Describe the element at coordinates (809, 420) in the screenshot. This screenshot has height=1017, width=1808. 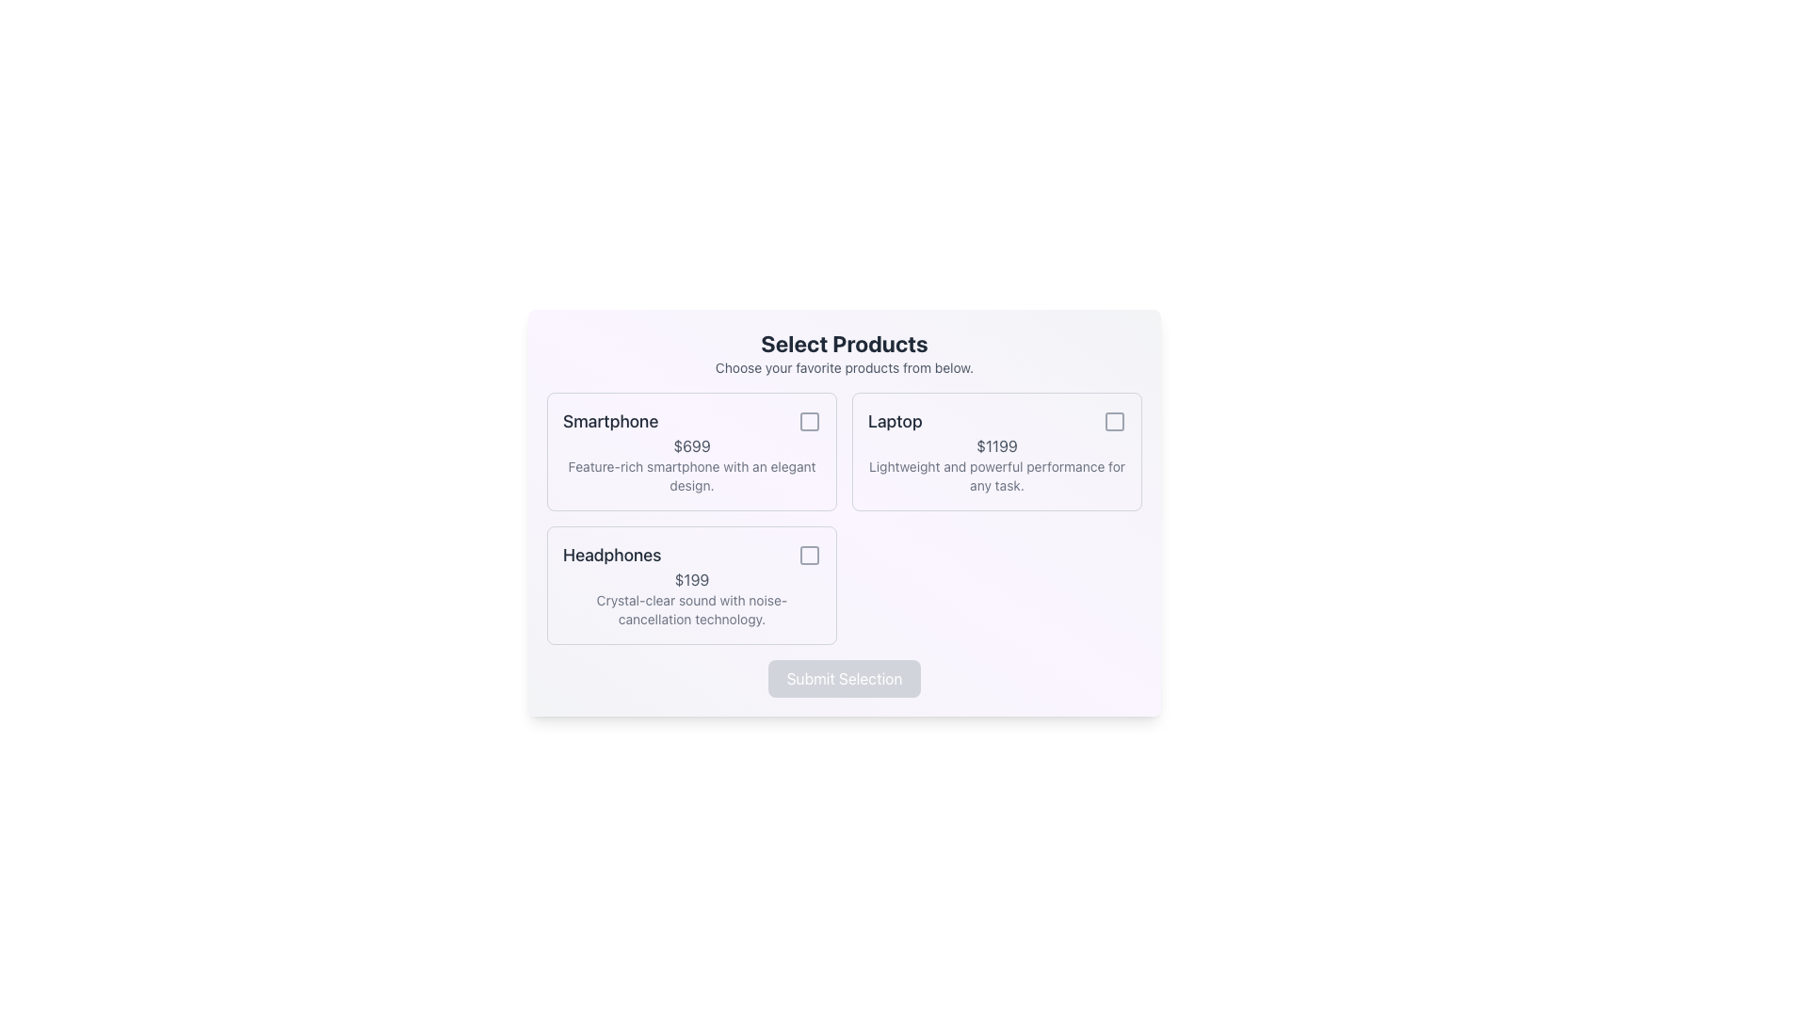
I see `the interactive checkbox for the 'Smartphone' product, which is the lone square icon located to the right of the 'Smartphone' label within its card grouping` at that location.